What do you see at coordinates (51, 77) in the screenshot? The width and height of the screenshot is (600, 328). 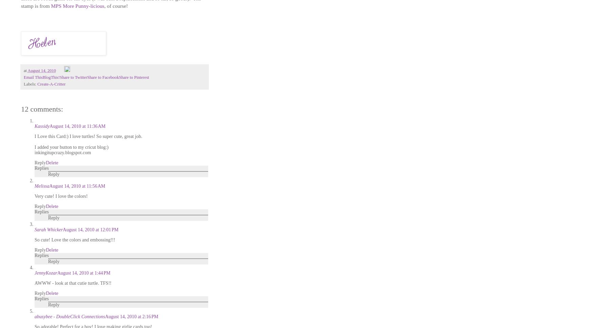 I see `'BlogThis!'` at bounding box center [51, 77].